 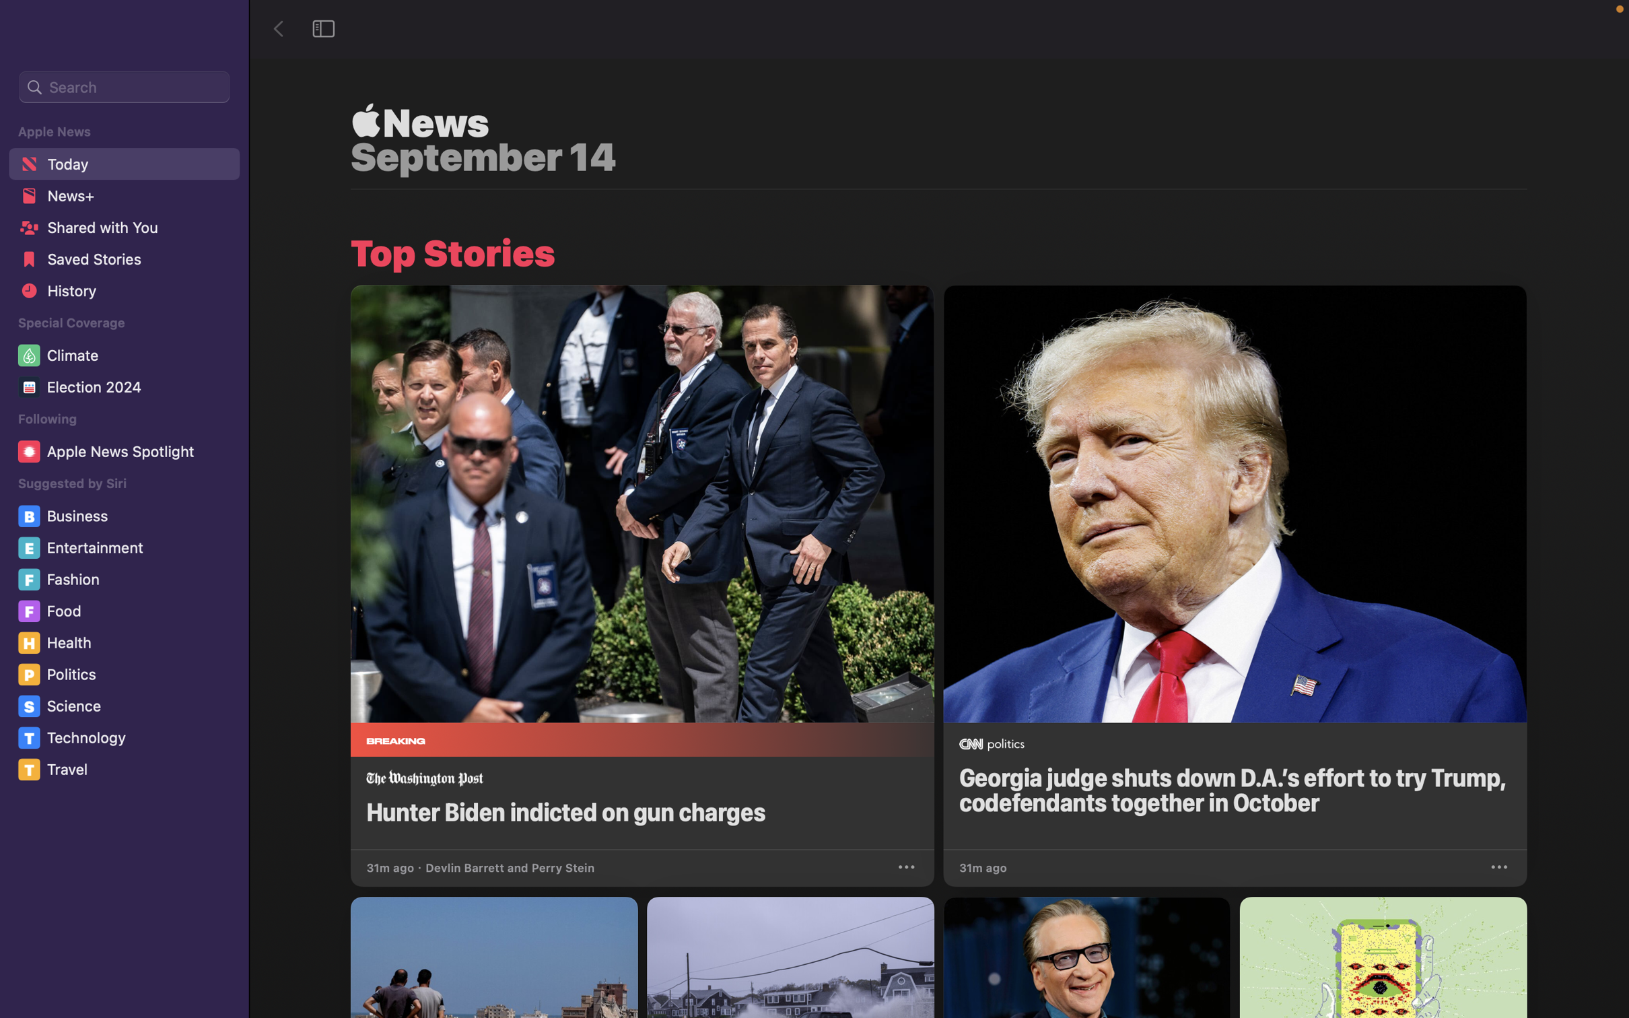 What do you see at coordinates (127, 642) in the screenshot?
I see `the "Health" option` at bounding box center [127, 642].